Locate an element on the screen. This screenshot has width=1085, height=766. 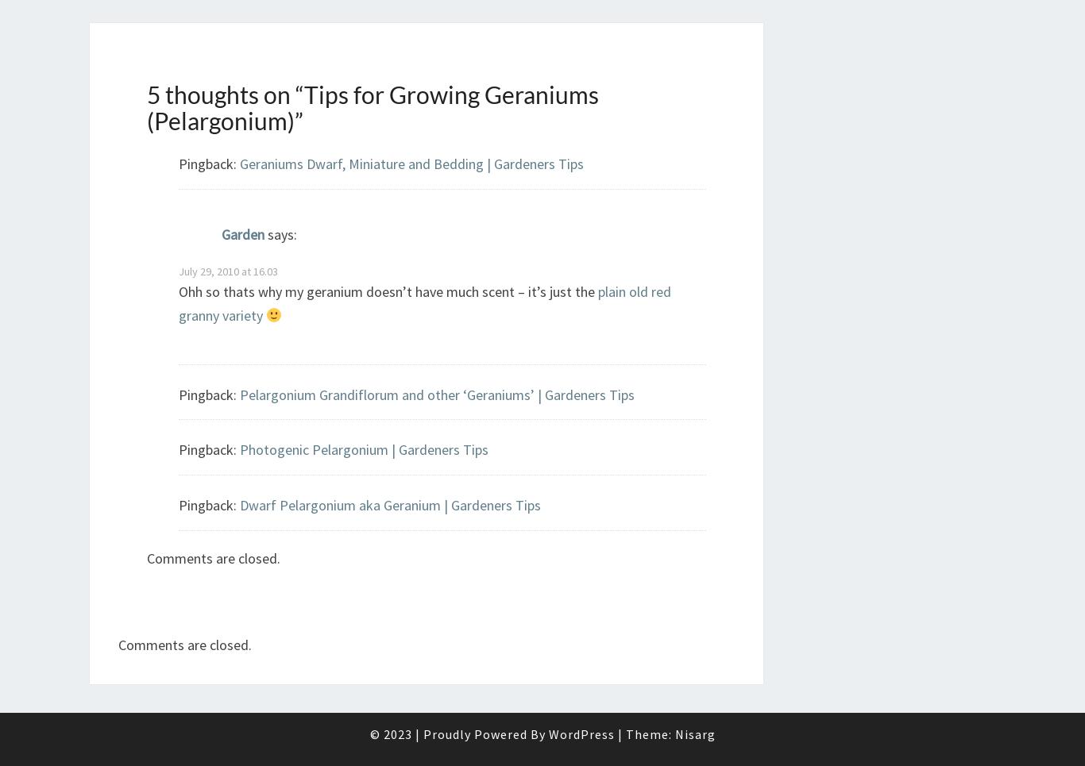
'WordPress' is located at coordinates (547, 733).